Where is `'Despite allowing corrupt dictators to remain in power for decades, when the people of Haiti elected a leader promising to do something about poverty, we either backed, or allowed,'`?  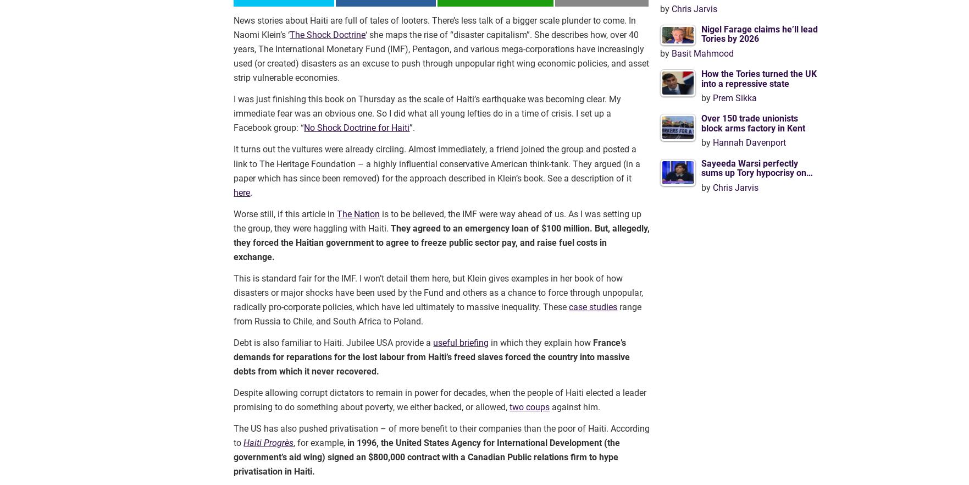
'Despite allowing corrupt dictators to remain in power for decades, when the people of Haiti elected a leader promising to do something about poverty, we either backed, or allowed,' is located at coordinates (440, 399).